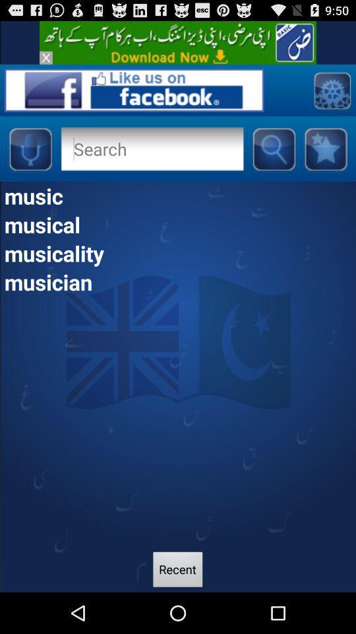 The image size is (356, 634). Describe the element at coordinates (273, 149) in the screenshot. I see `search` at that location.